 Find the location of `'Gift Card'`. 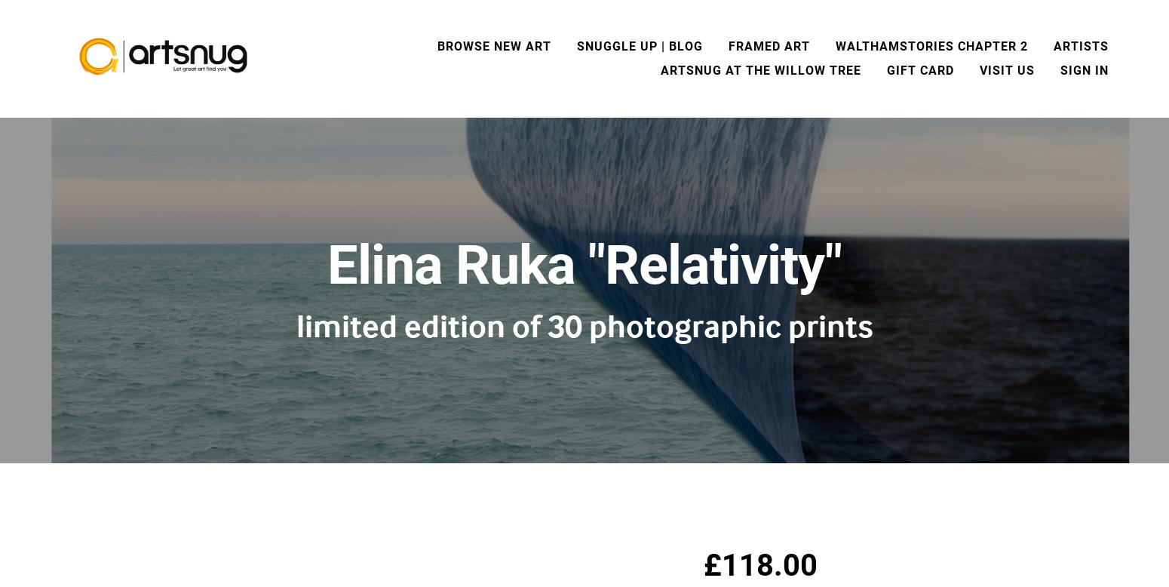

'Gift Card' is located at coordinates (920, 69).